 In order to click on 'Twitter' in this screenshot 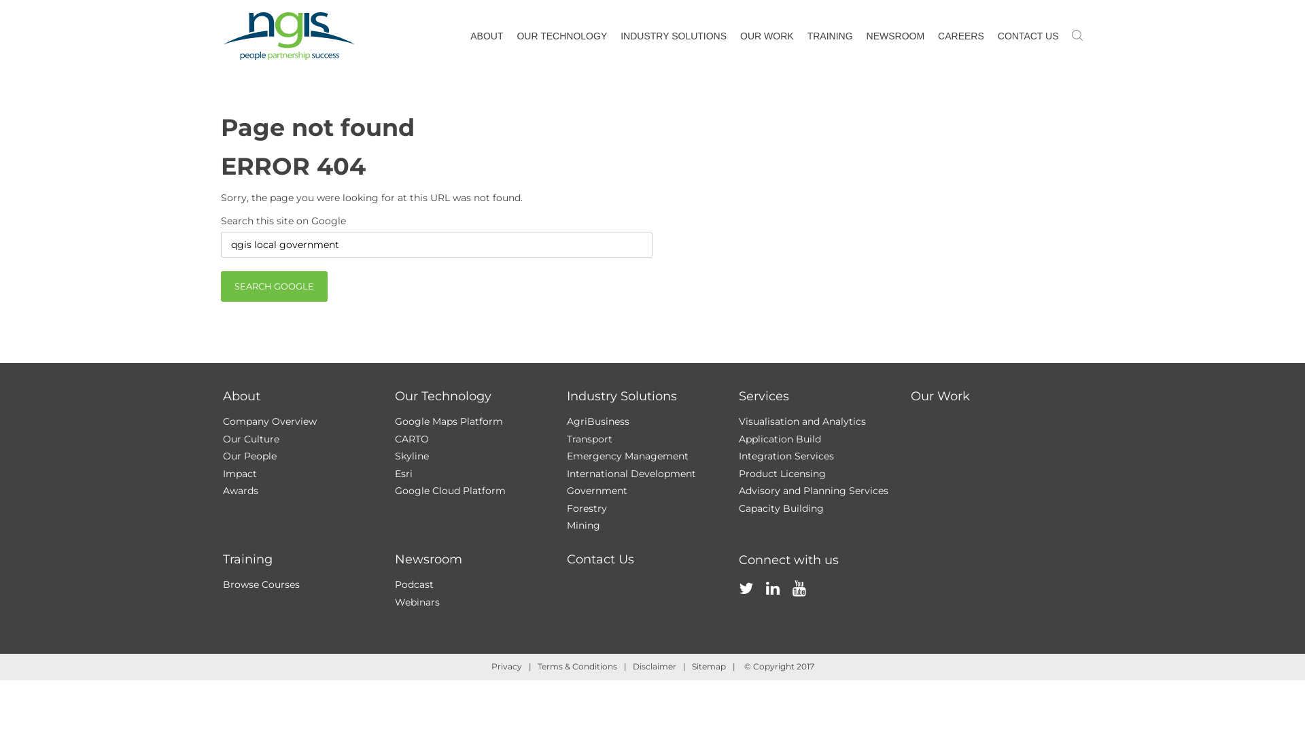, I will do `click(737, 602)`.